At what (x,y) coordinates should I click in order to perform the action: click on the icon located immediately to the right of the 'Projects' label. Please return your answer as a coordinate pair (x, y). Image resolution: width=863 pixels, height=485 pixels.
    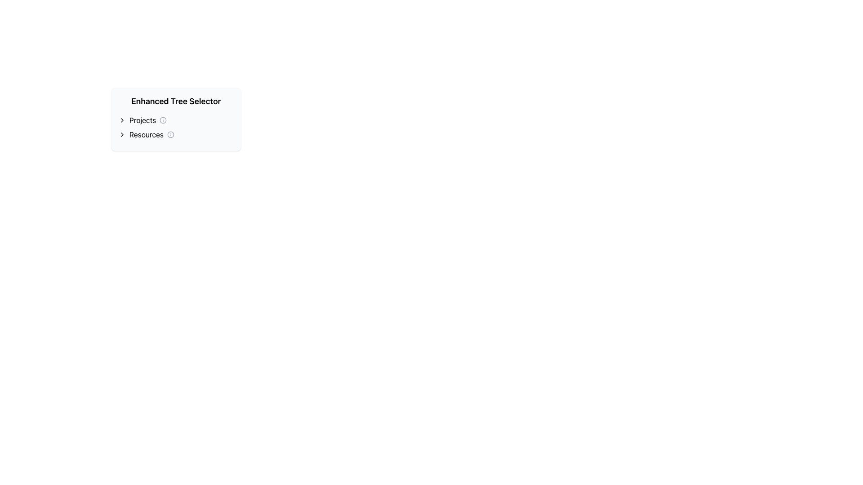
    Looking at the image, I should click on (163, 119).